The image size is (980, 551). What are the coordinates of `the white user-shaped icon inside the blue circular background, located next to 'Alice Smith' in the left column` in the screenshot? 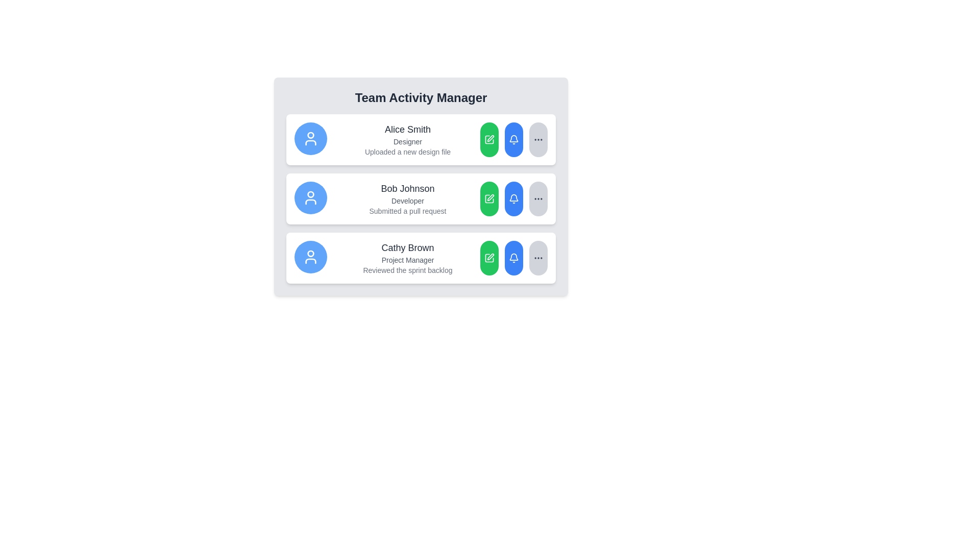 It's located at (310, 139).